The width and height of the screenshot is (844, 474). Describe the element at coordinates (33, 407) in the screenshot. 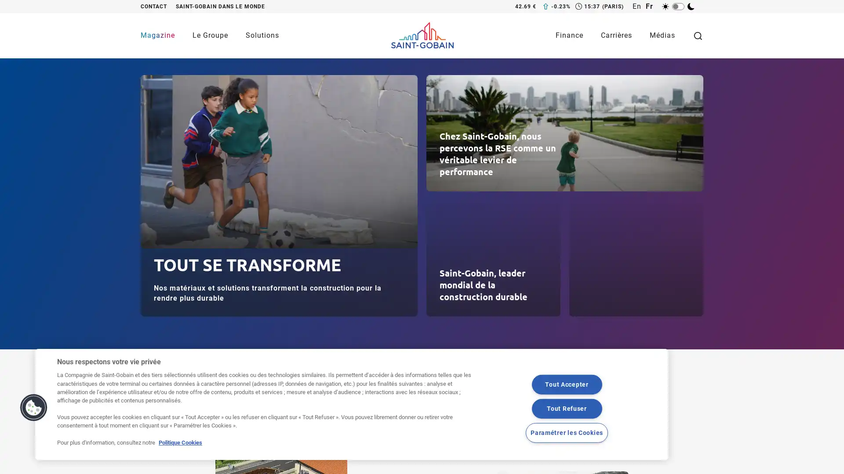

I see `Cookies` at that location.